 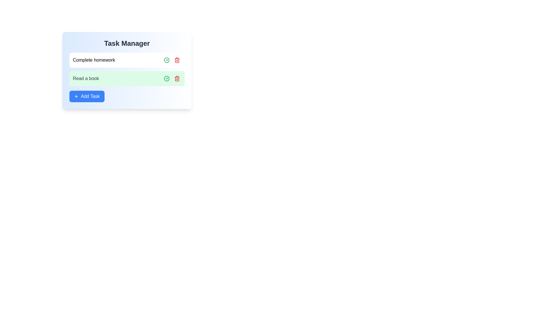 What do you see at coordinates (166, 60) in the screenshot?
I see `the green checkmark icon corresponding to the task titled 'Complete homework' to toggle its completion status` at bounding box center [166, 60].